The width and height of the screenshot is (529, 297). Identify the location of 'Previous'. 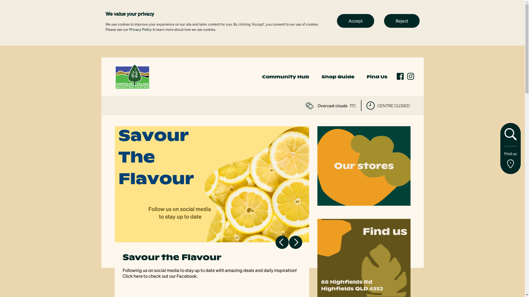
(282, 242).